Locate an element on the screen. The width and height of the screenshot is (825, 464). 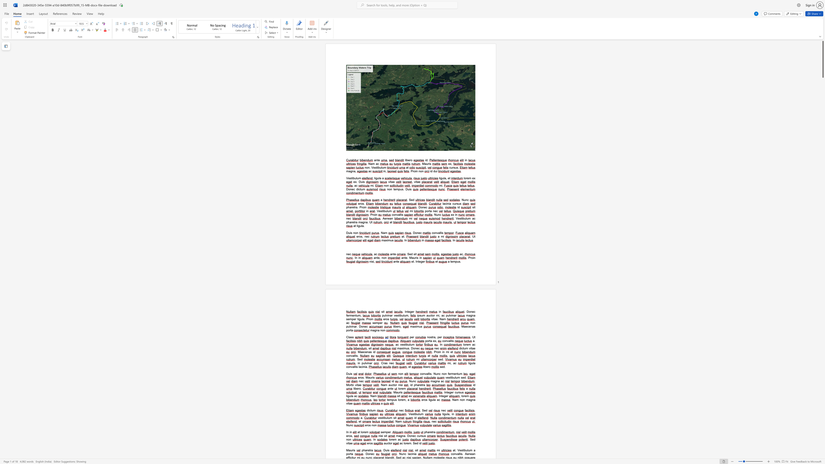
the space between the continuous character "r" and "s" in the text is located at coordinates (421, 436).